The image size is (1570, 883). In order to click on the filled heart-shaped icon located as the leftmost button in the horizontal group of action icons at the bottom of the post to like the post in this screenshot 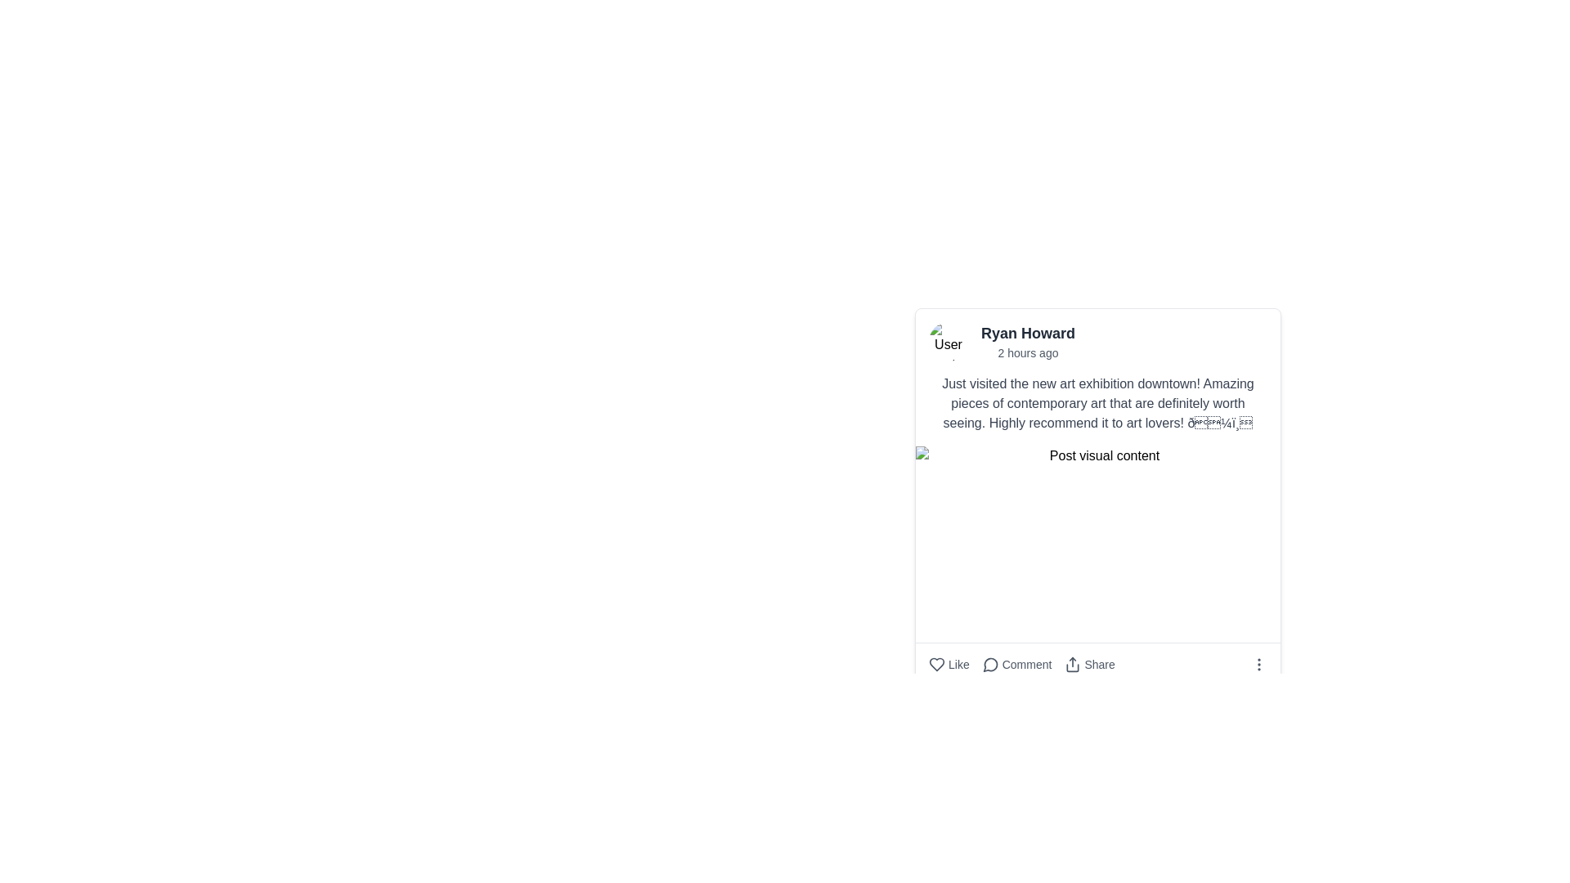, I will do `click(937, 665)`.